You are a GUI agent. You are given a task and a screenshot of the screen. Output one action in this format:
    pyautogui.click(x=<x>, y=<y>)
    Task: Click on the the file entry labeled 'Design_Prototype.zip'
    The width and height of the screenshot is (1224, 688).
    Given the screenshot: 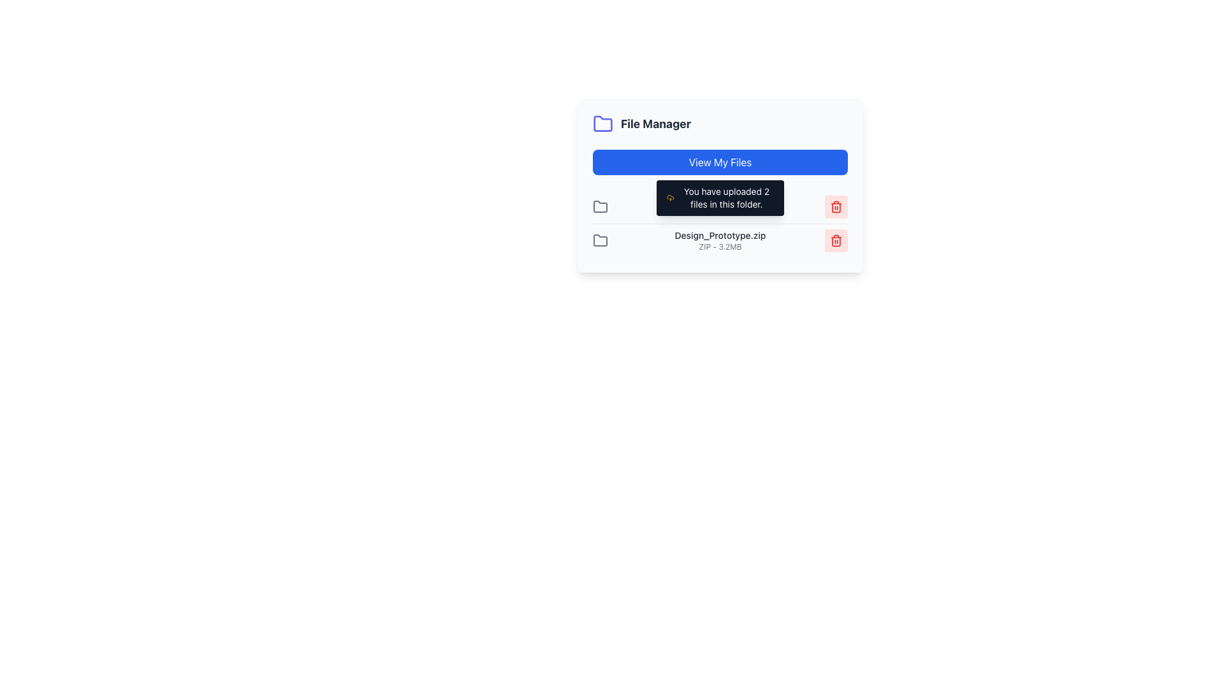 What is the action you would take?
    pyautogui.click(x=720, y=223)
    